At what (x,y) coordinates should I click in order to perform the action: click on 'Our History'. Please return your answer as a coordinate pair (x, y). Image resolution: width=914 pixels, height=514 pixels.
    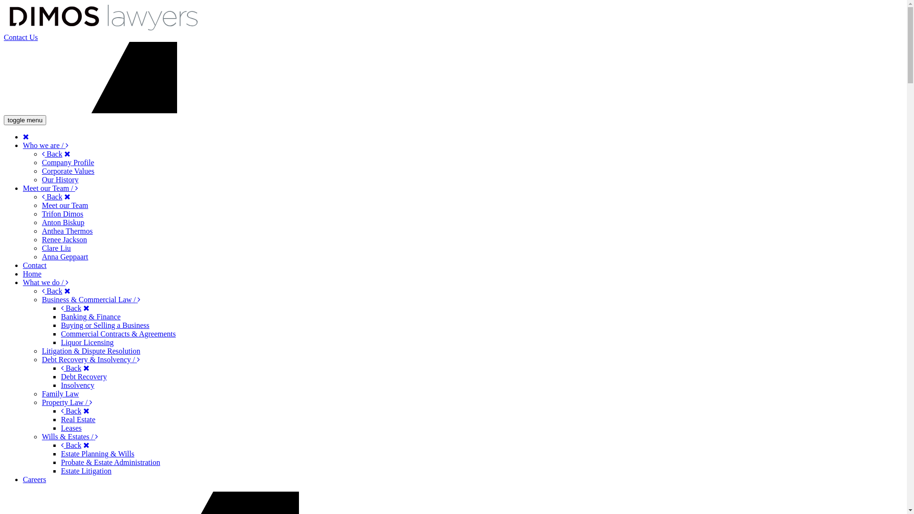
    Looking at the image, I should click on (60, 179).